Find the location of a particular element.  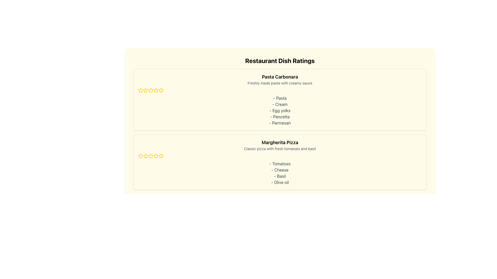

the fifth star in the Margherita Pizza rating stars is located at coordinates (150, 156).